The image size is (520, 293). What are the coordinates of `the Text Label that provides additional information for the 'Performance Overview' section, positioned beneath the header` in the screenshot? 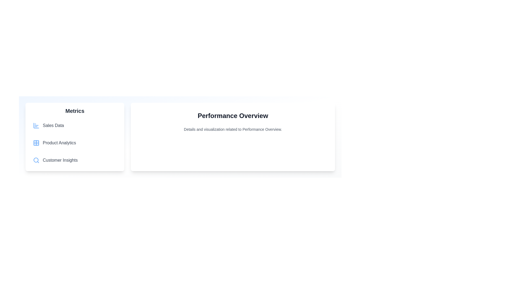 It's located at (233, 129).